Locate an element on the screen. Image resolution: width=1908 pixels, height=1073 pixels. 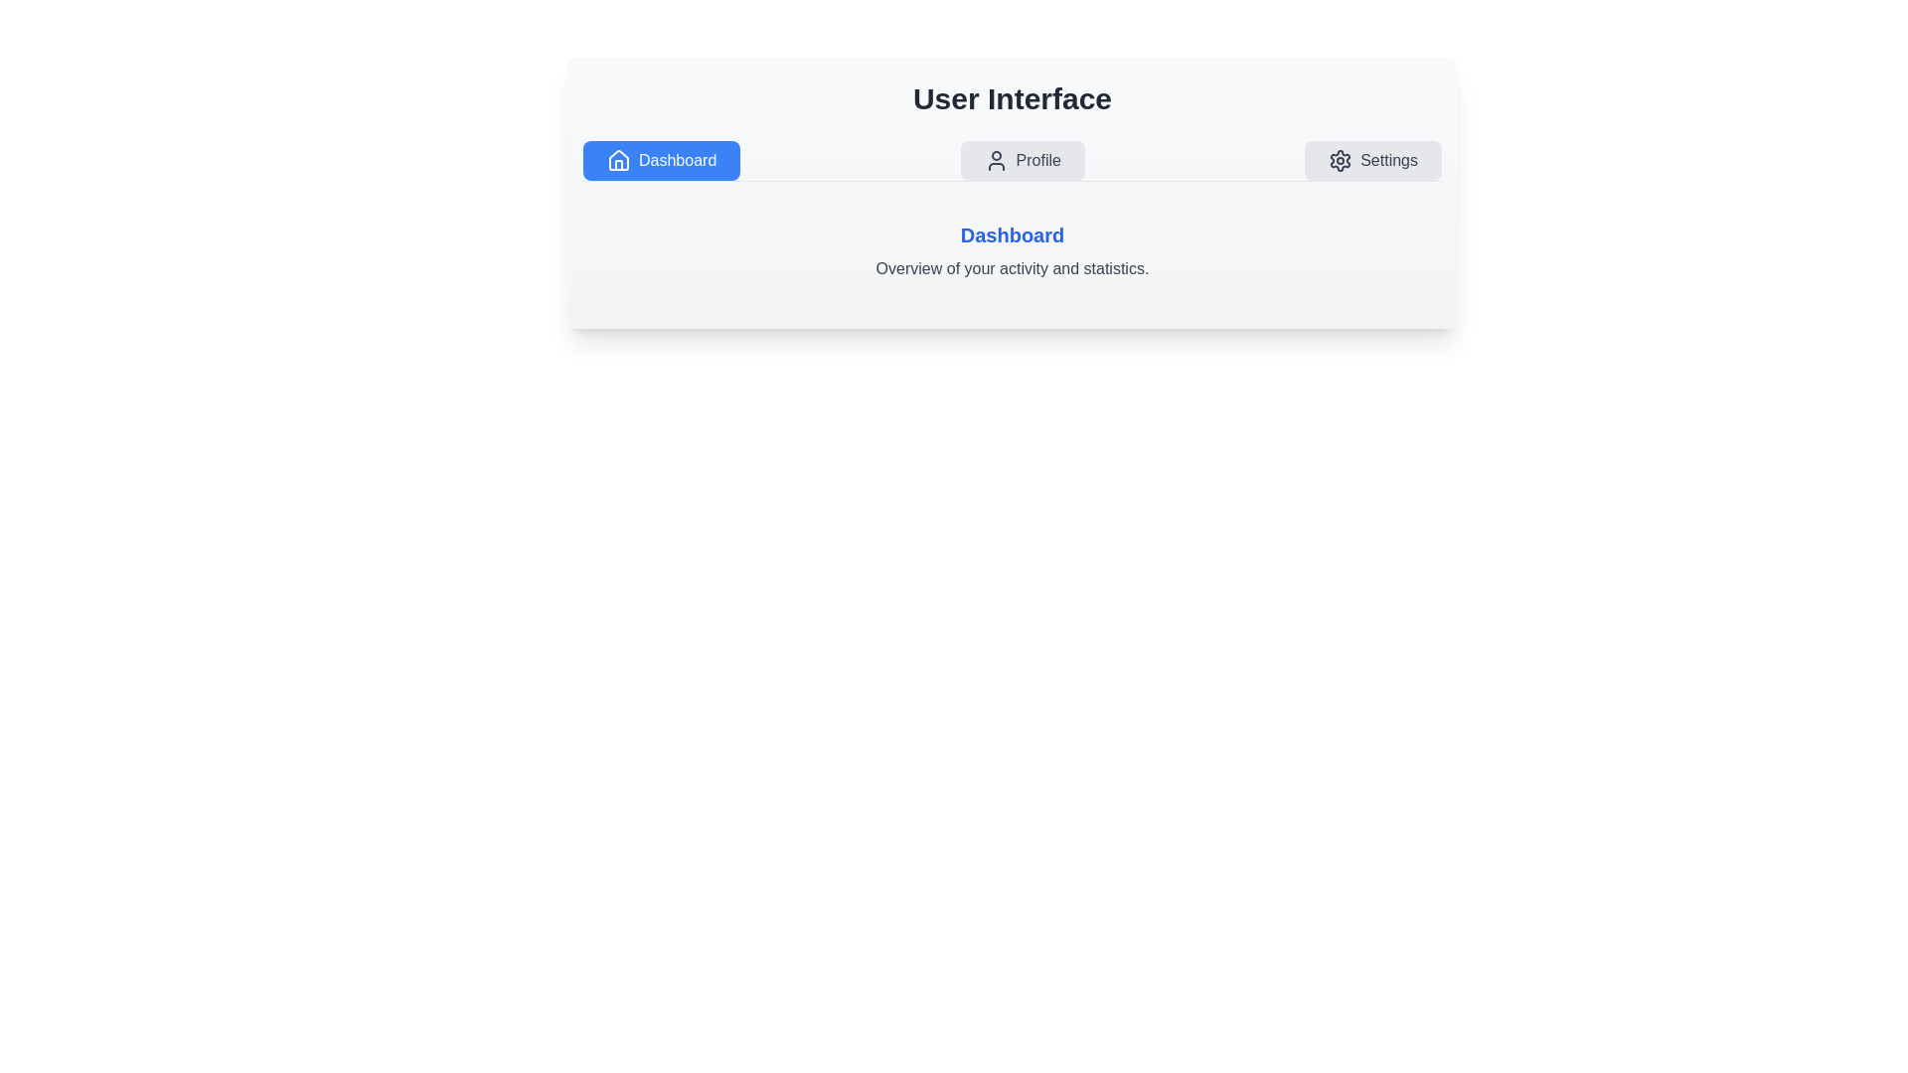
the Settings tab to view its content is located at coordinates (1372, 160).